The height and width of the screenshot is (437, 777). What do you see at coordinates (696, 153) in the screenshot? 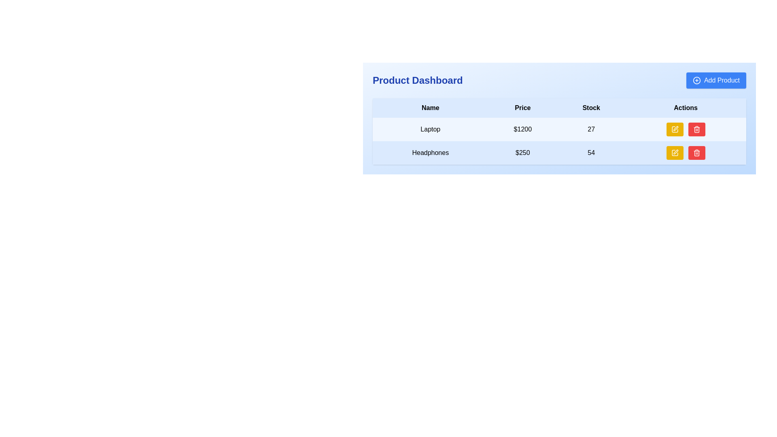
I see `the delete icon button located in the actions column of the second row in the table` at bounding box center [696, 153].